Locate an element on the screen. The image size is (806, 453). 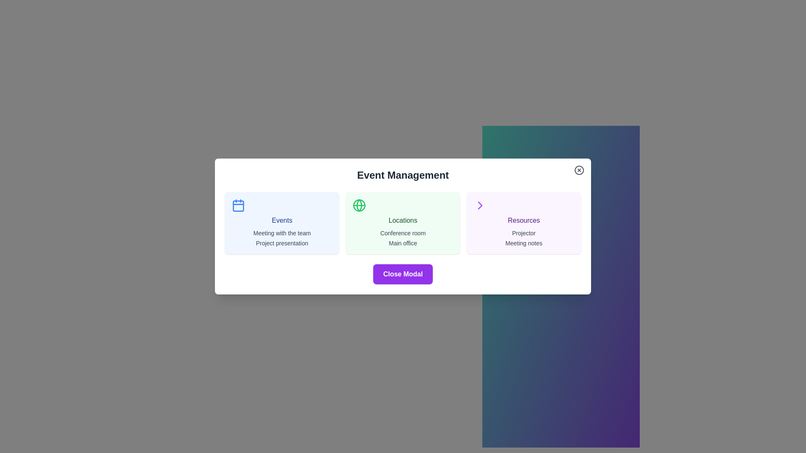
the information card displaying location details for 'Conference room' and 'Main office' in the Event Management modal dialog is located at coordinates (403, 223).